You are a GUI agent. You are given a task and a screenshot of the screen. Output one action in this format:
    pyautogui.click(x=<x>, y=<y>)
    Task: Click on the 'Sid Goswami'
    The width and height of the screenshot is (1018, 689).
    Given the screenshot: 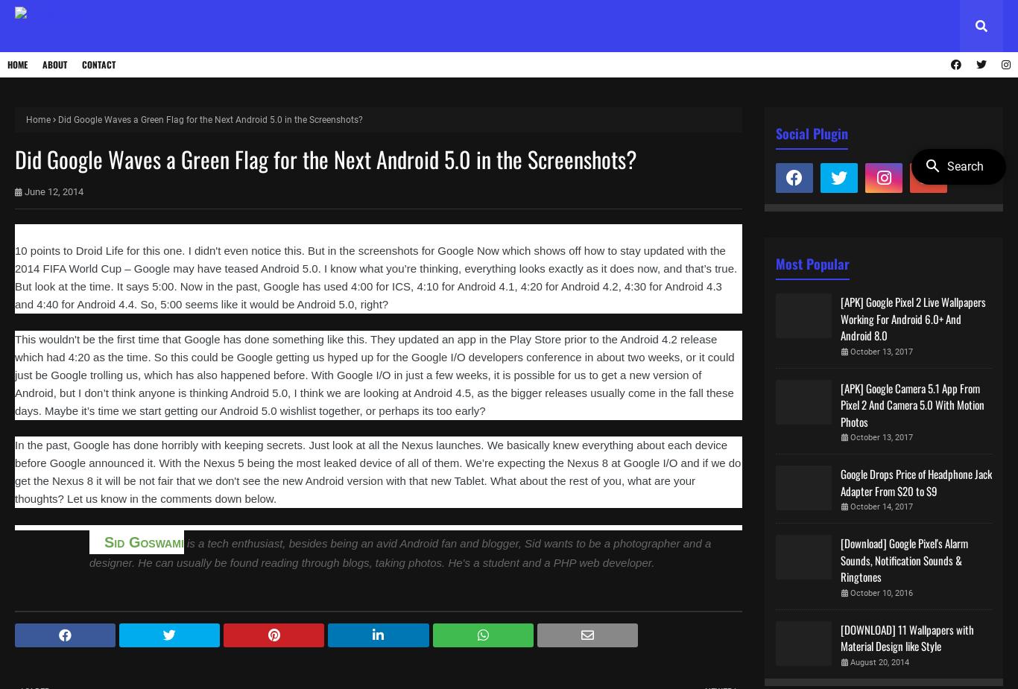 What is the action you would take?
    pyautogui.click(x=143, y=541)
    